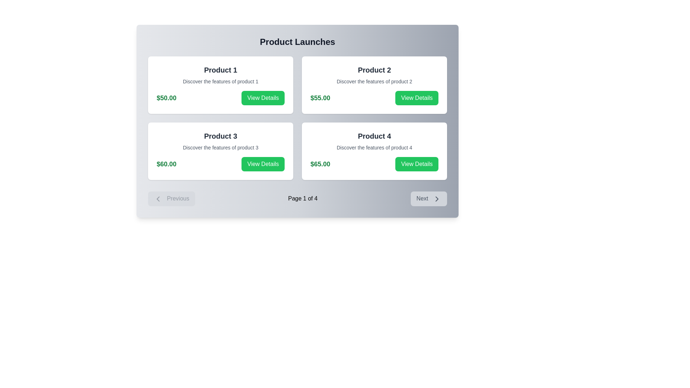 The image size is (690, 388). Describe the element at coordinates (171, 199) in the screenshot. I see `the grey rectangular button labeled 'Previous' with a leftward-pointing chevron icon, located at the bottom-left corner of the page` at that location.